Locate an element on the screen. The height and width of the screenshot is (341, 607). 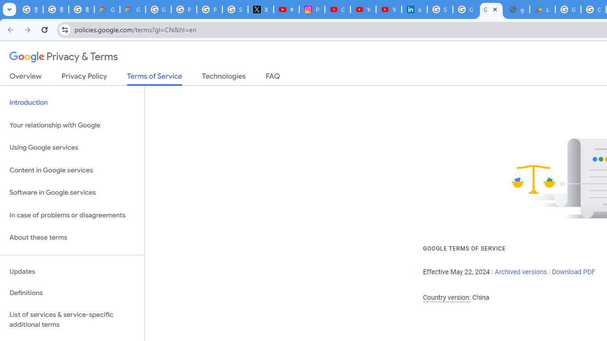
'Reload' is located at coordinates (44, 29).